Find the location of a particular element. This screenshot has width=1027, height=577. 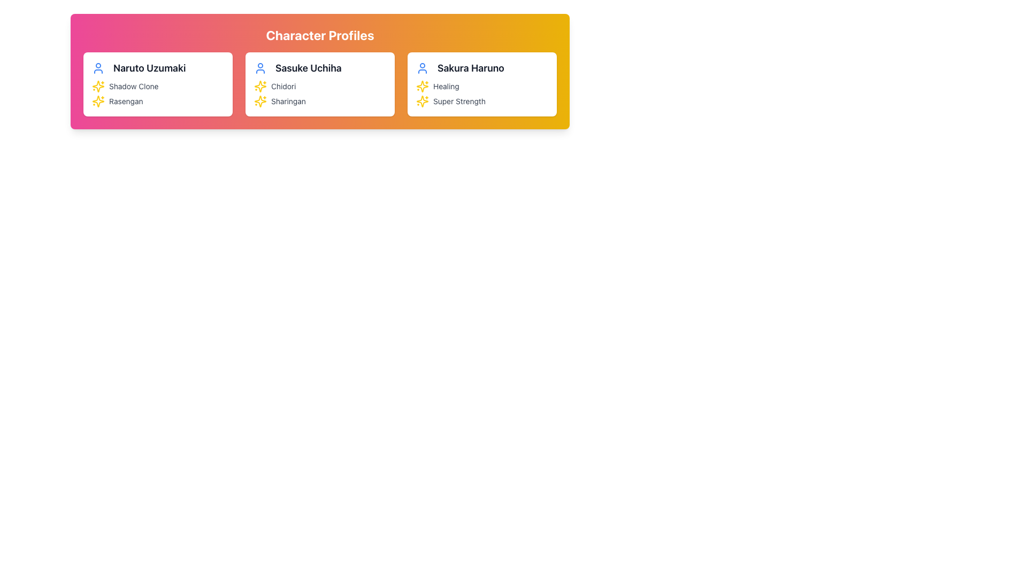

the text element displaying 'Sakura Haruno', which is located in the top-most position of the third card in a horizontal layout of character profiles, below the user icon and above the descriptive texts 'Healing' and 'Super Strength' is located at coordinates (481, 68).